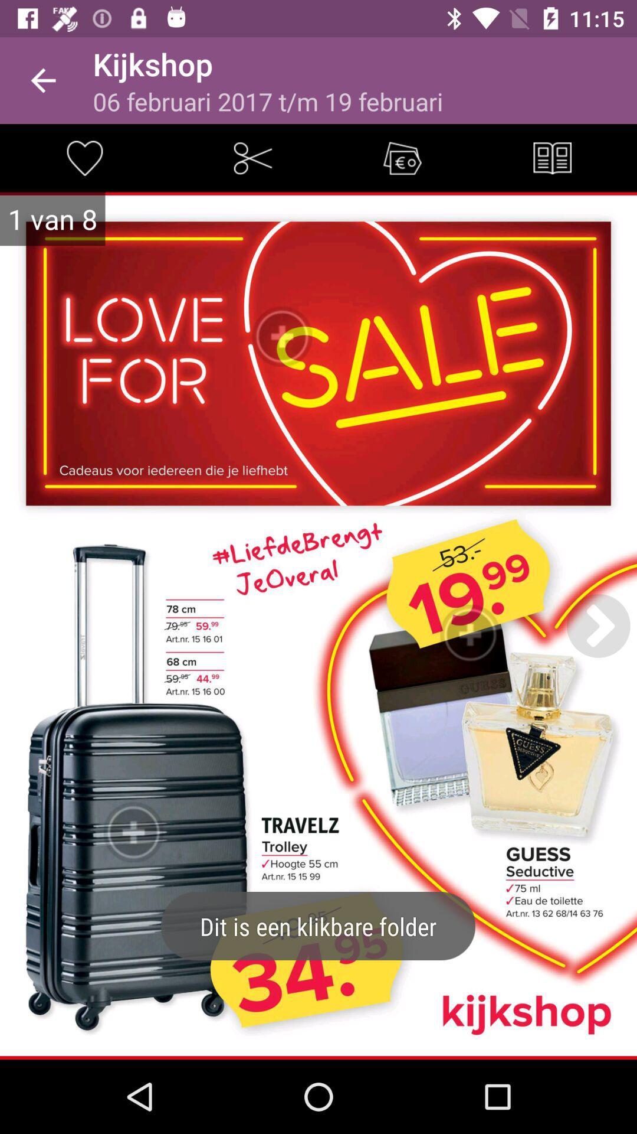 The image size is (637, 1134). What do you see at coordinates (252, 157) in the screenshot?
I see `clip` at bounding box center [252, 157].